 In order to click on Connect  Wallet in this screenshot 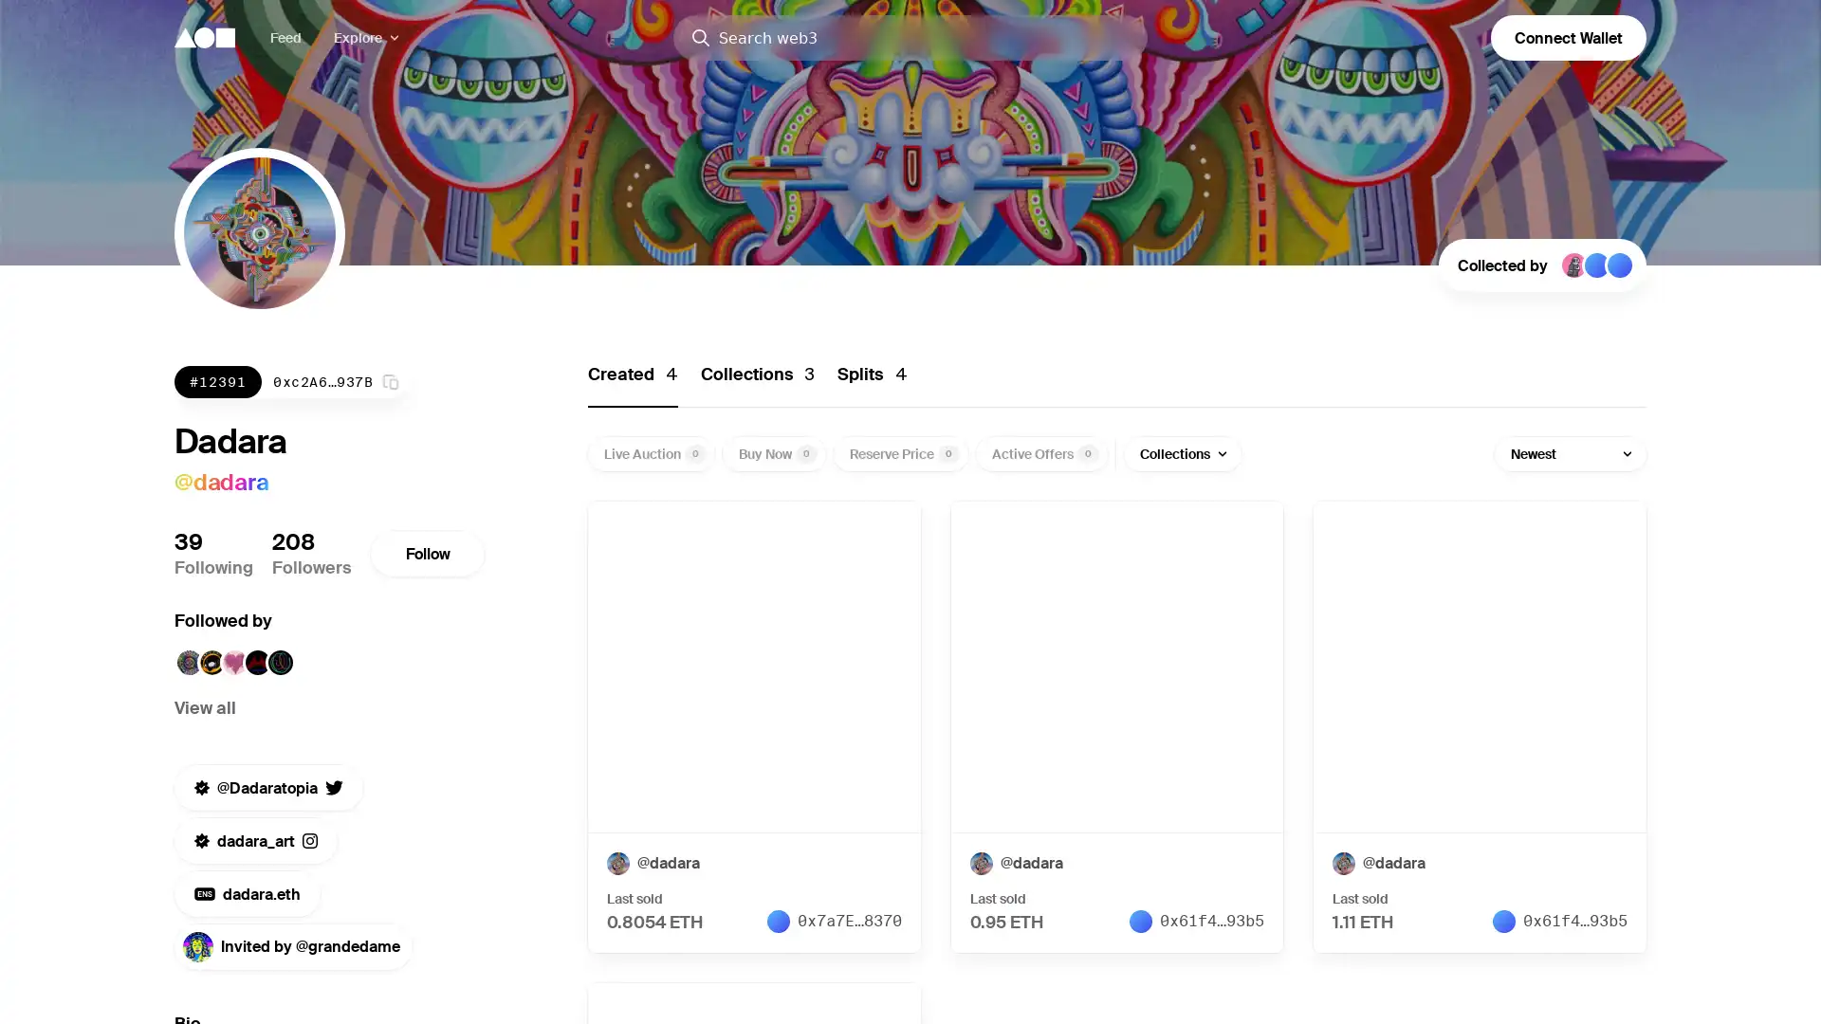, I will do `click(1567, 37)`.